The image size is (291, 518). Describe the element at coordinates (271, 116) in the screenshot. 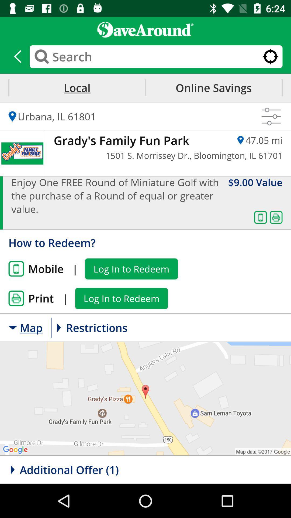

I see `the sliders icon` at that location.